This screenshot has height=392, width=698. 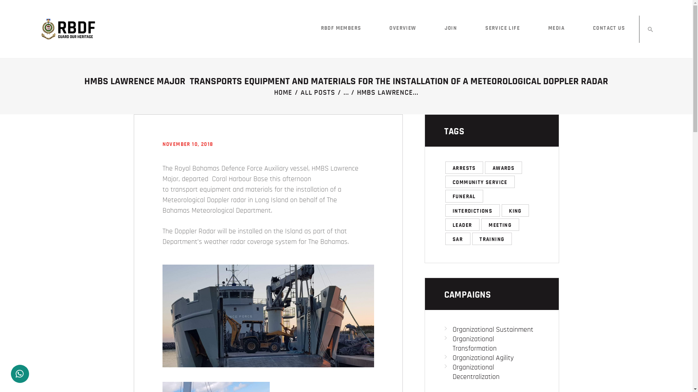 What do you see at coordinates (450, 28) in the screenshot?
I see `'JOIN'` at bounding box center [450, 28].